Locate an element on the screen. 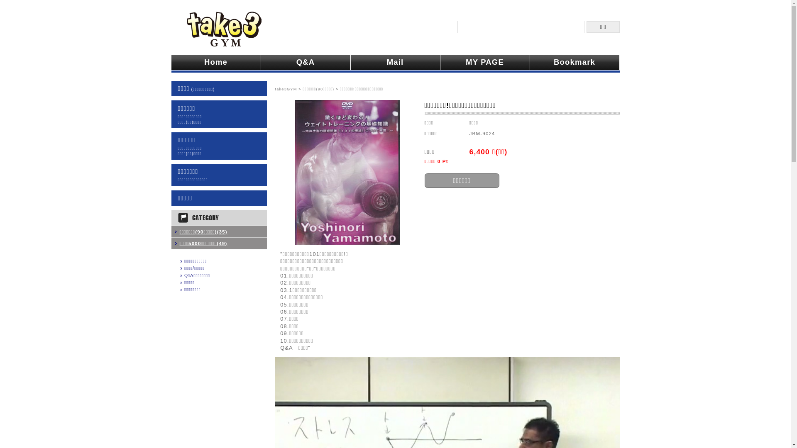 Image resolution: width=797 pixels, height=448 pixels. 'Home' is located at coordinates (215, 62).